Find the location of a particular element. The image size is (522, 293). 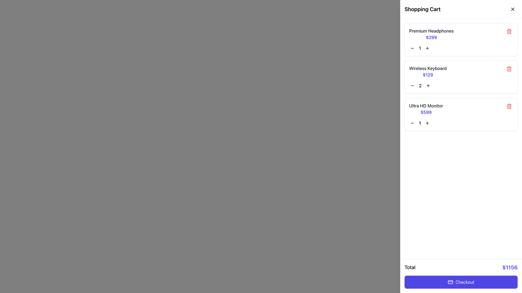

the text label displaying 'Wireless Keyboard' in the shopping cart section, which is positioned above the price '$129' is located at coordinates (428, 68).